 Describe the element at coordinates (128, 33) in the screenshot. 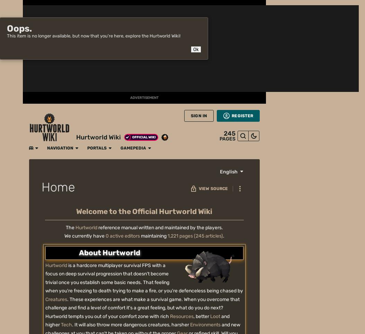

I see `'Modding'` at that location.